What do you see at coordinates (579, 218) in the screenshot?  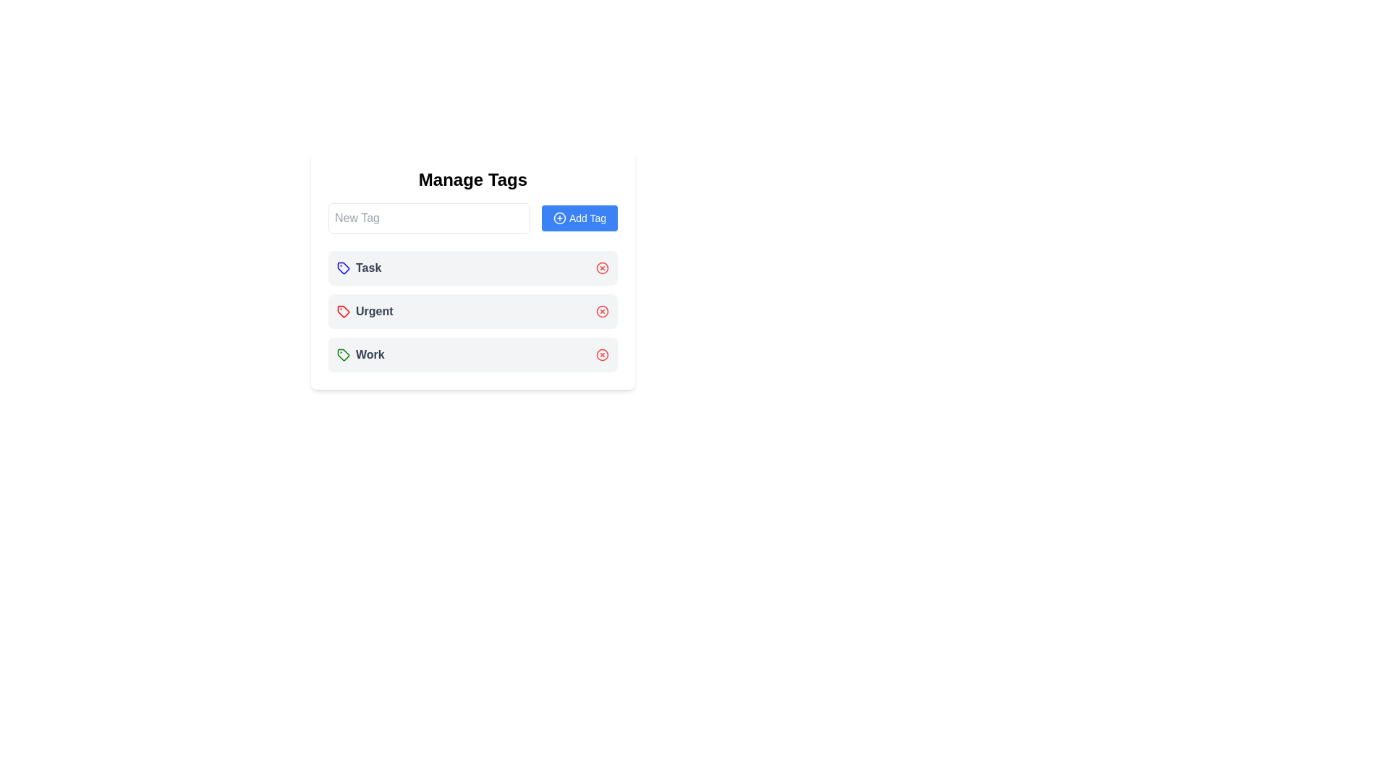 I see `the actionable button that adds a new tag to the list, located on the right side of the input field labeled 'New Tag', below the title 'Manage Tags'` at bounding box center [579, 218].